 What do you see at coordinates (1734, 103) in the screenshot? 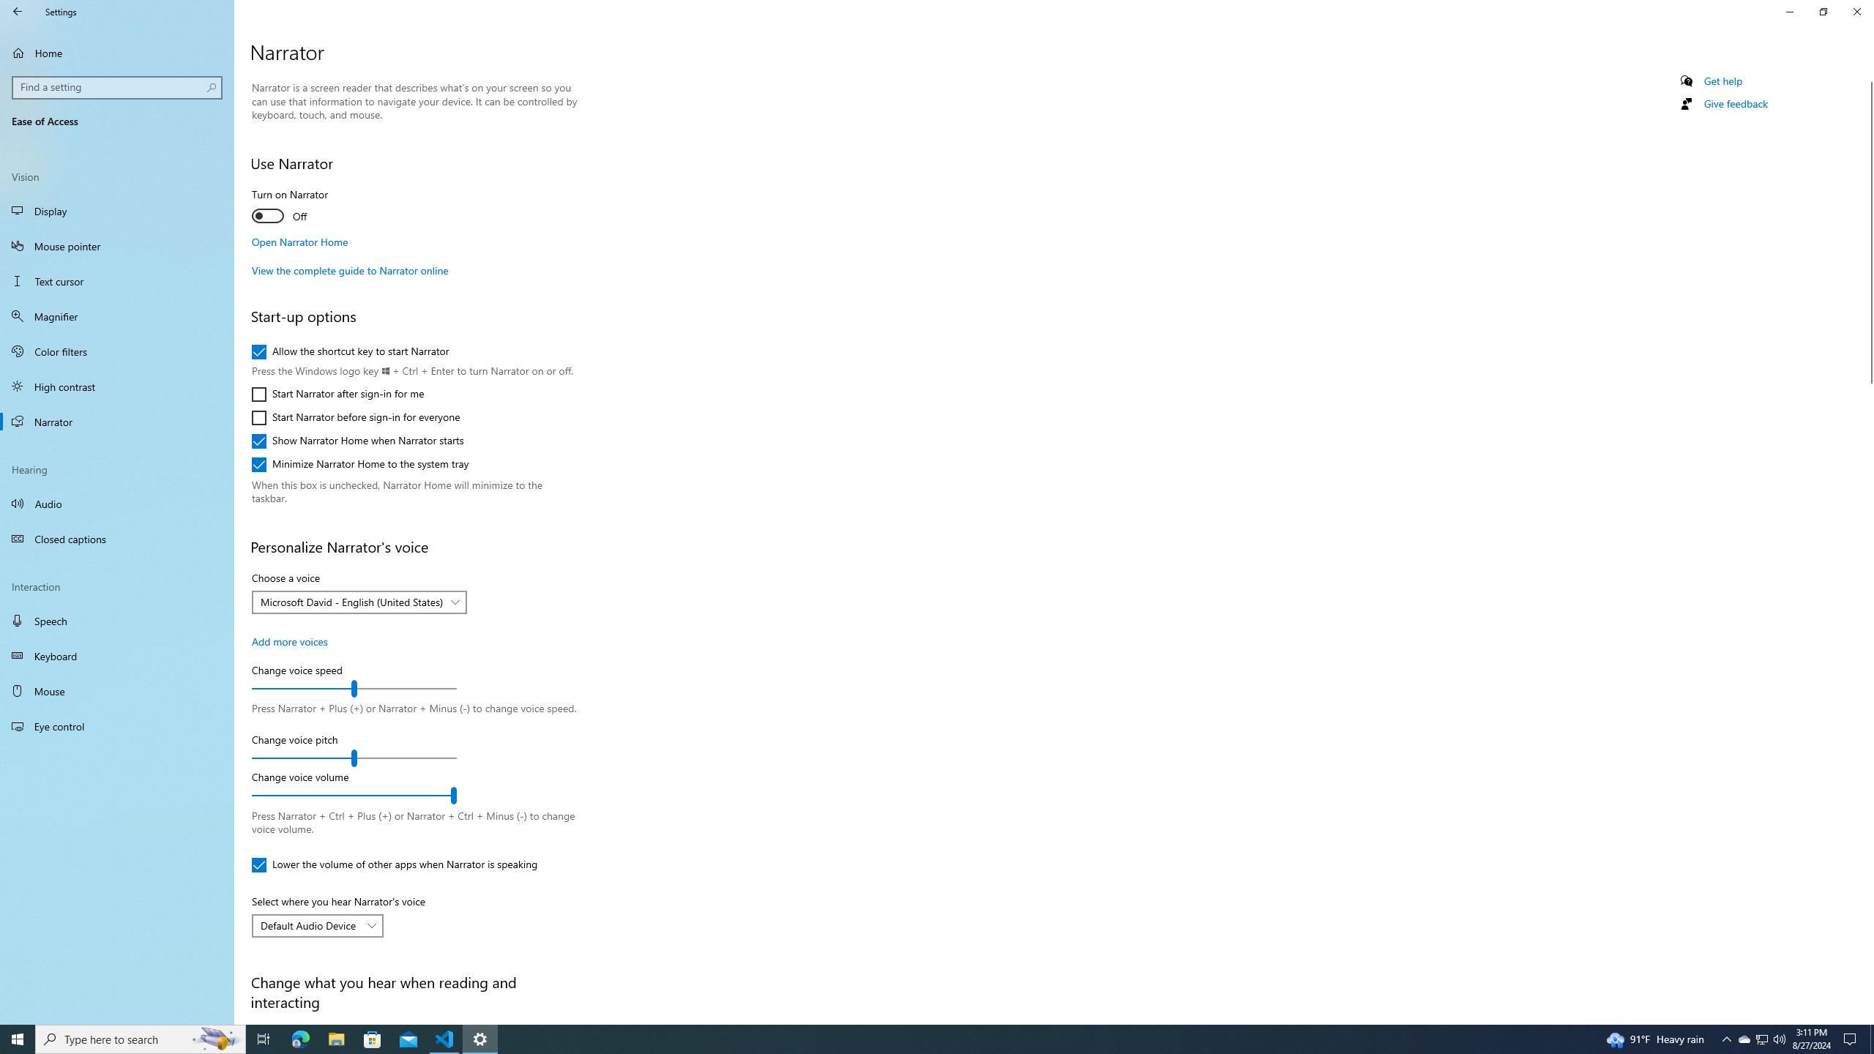
I see `'Give feedback'` at bounding box center [1734, 103].